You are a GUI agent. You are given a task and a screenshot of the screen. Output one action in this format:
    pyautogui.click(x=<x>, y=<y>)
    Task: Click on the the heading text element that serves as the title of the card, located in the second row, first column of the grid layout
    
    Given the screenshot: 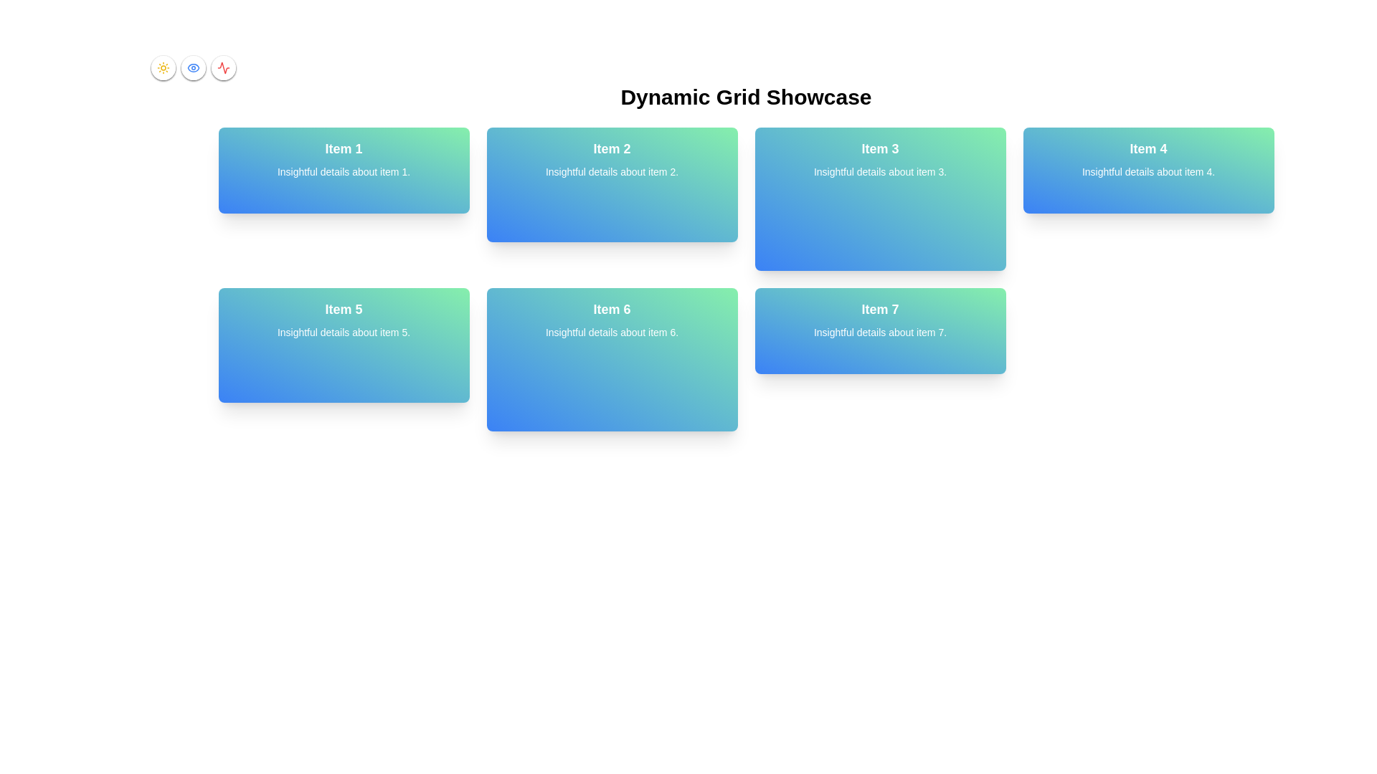 What is the action you would take?
    pyautogui.click(x=343, y=309)
    